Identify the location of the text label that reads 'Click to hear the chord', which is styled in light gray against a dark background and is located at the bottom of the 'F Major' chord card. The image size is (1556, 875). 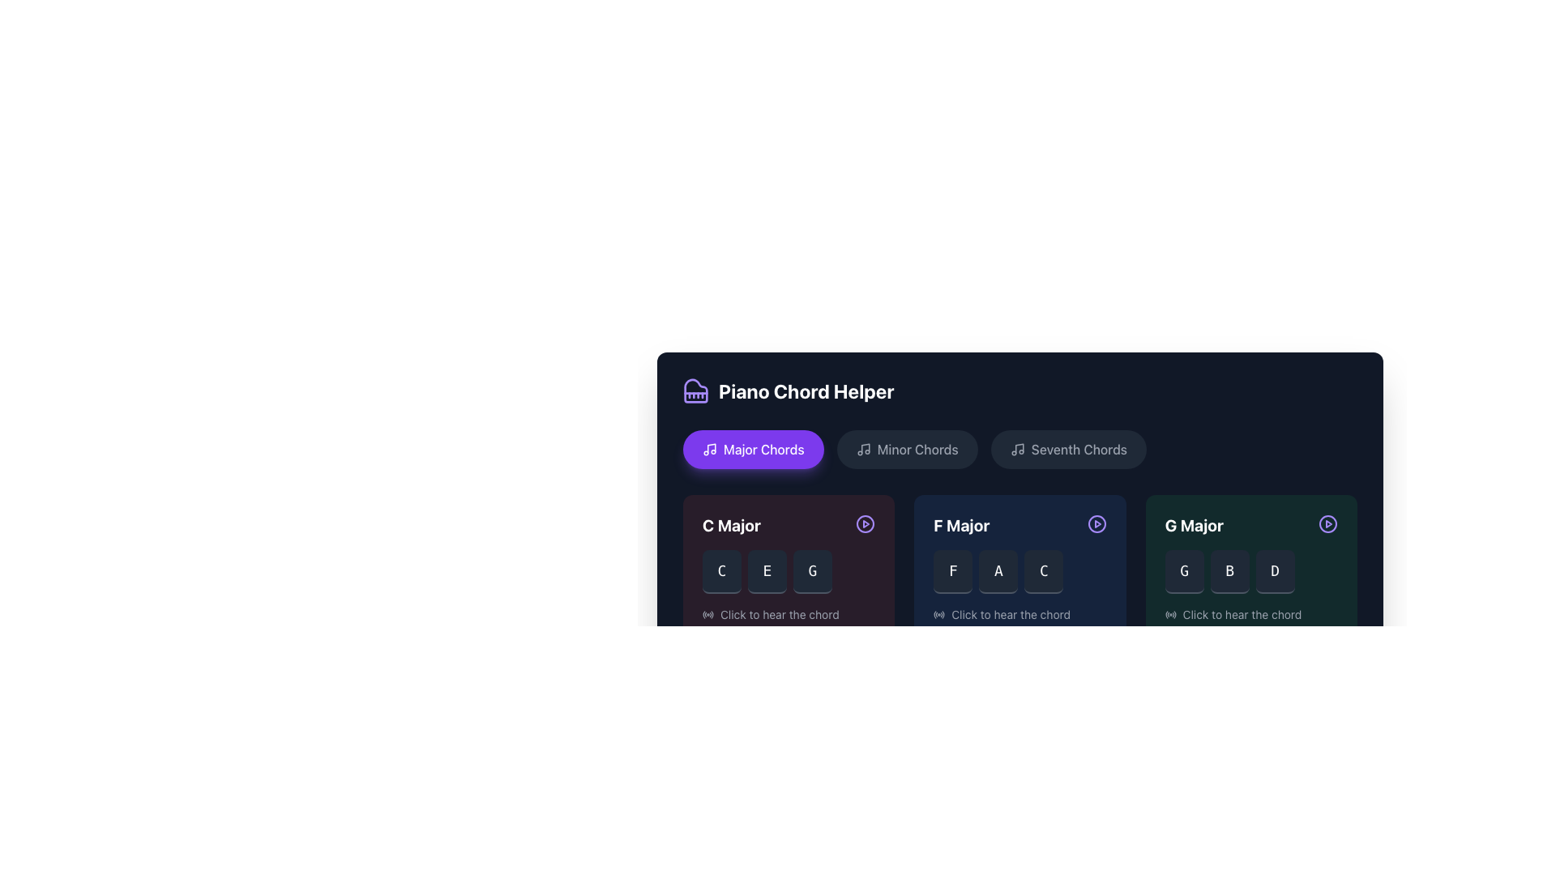
(1010, 615).